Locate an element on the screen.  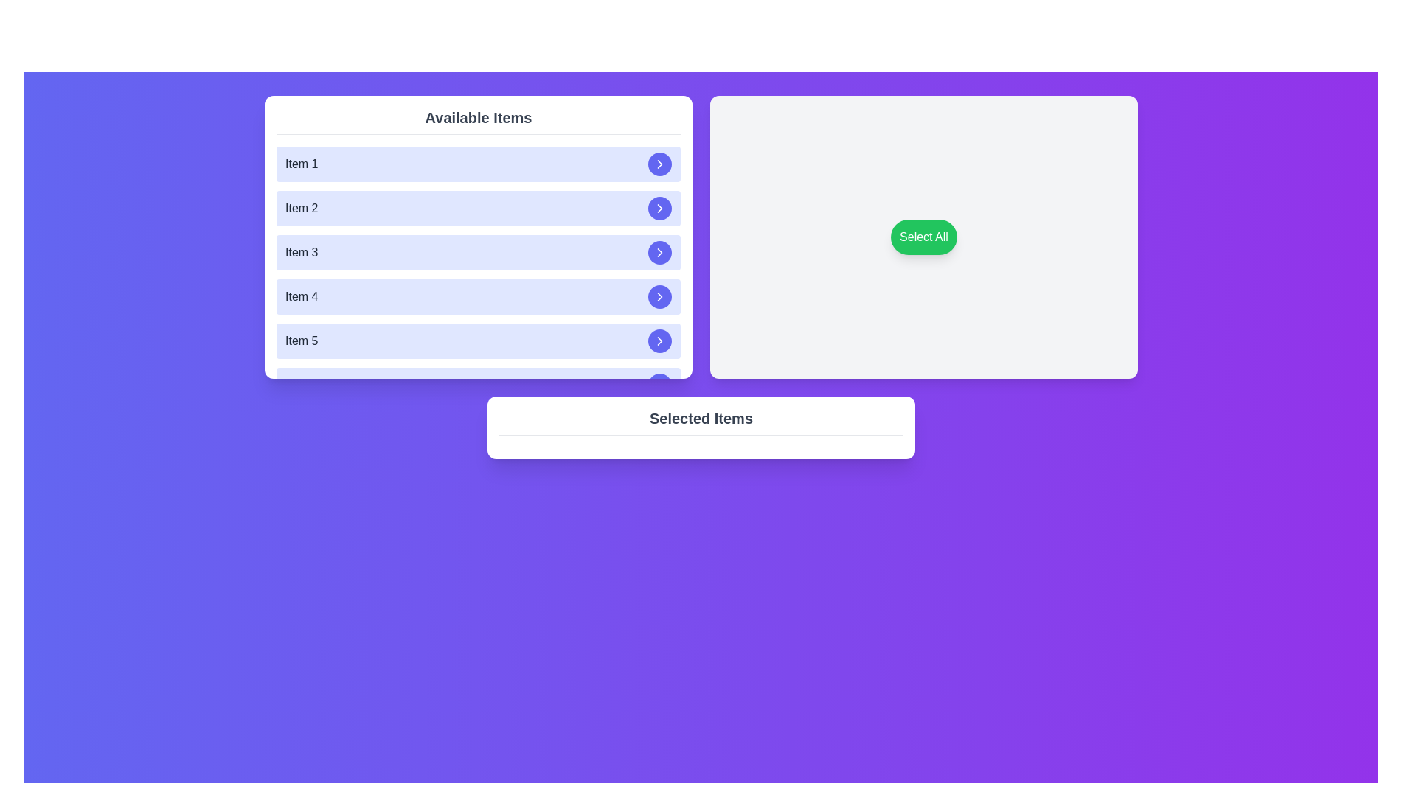
the Chevron icon pointing to the right, which is part of the SVG component located in the fifth item of the 'Available Items' list is located at coordinates (659, 385).